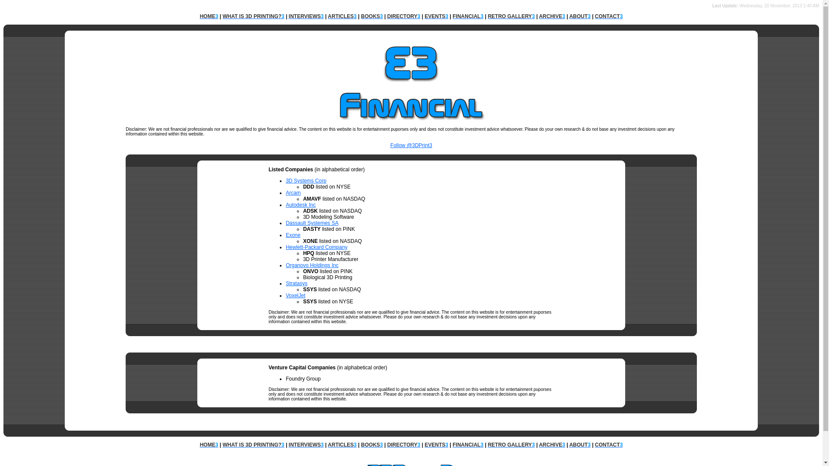 This screenshot has height=466, width=829. Describe the element at coordinates (437, 444) in the screenshot. I see `'EVENTS3'` at that location.